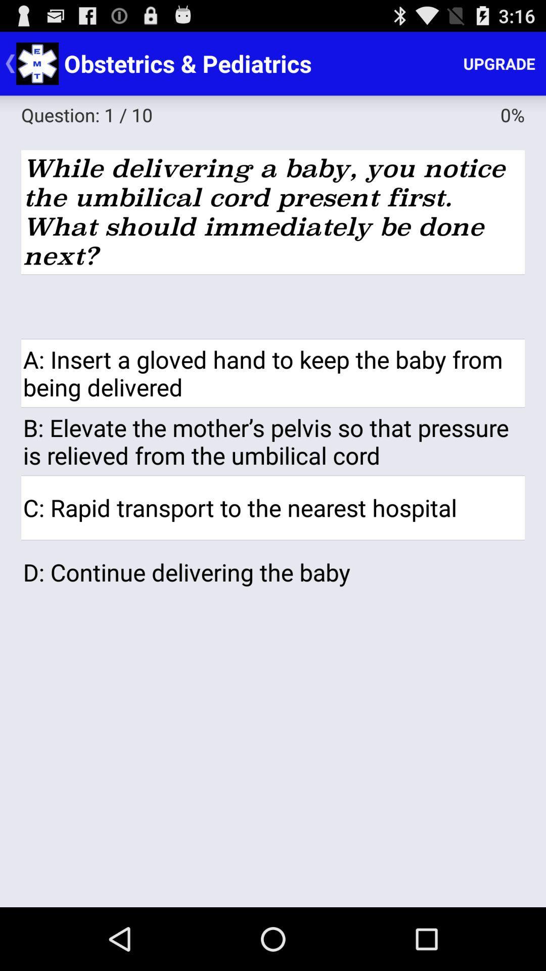 The height and width of the screenshot is (971, 546). I want to click on the d continue delivering app, so click(273, 572).